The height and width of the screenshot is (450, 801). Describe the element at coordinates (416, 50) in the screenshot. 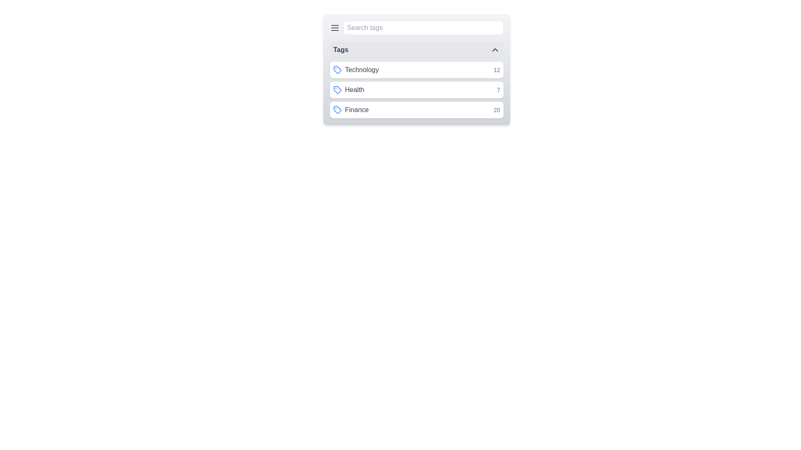

I see `the 'Tags' button to toggle the menu` at that location.